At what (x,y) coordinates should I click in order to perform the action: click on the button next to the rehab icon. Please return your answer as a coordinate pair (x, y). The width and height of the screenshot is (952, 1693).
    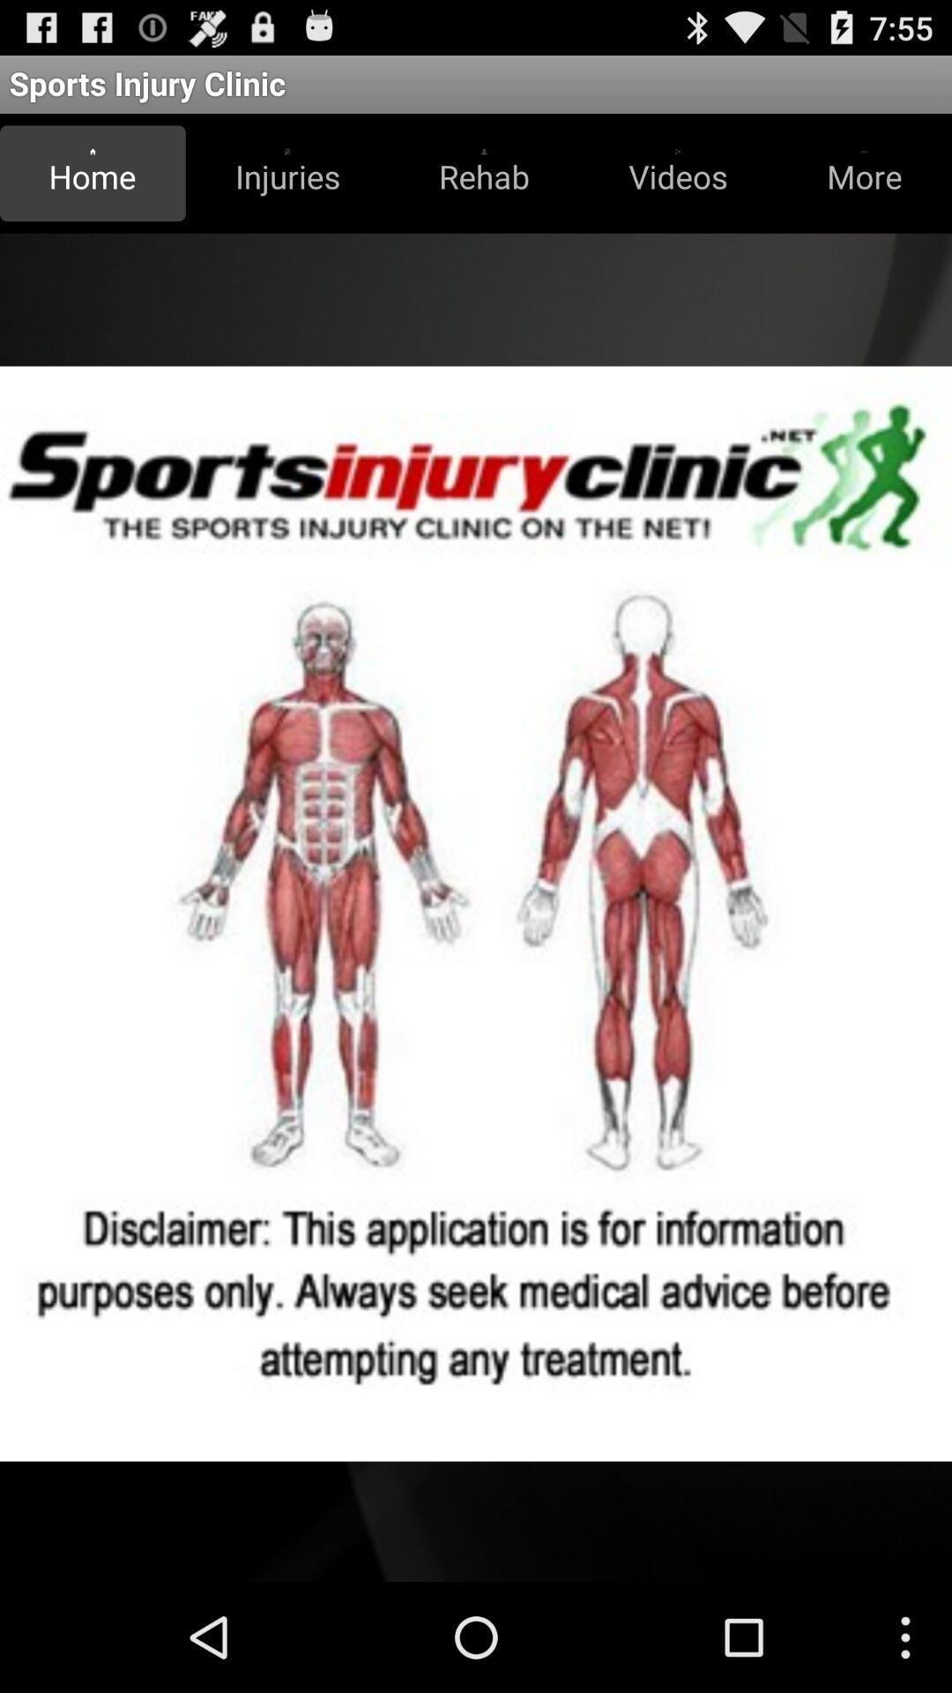
    Looking at the image, I should click on (286, 173).